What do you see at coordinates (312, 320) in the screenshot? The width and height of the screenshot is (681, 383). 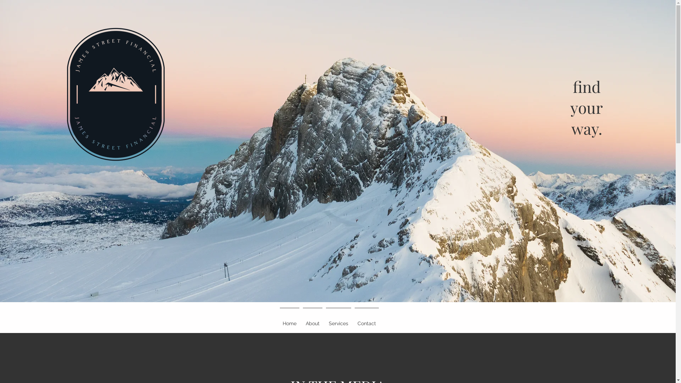 I see `'About'` at bounding box center [312, 320].